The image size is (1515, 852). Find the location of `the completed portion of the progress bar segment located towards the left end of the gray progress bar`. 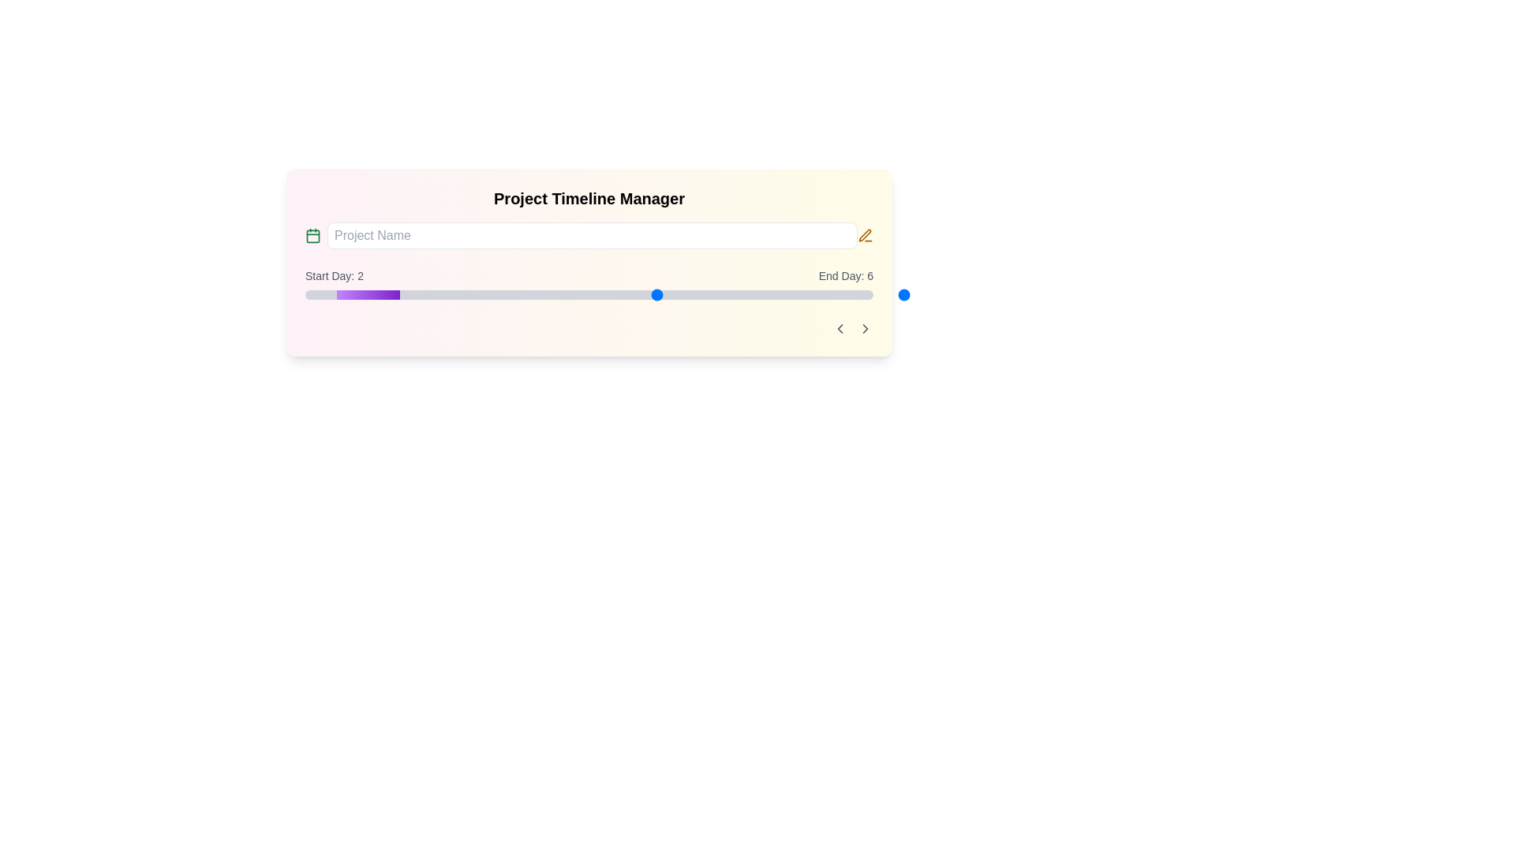

the completed portion of the progress bar segment located towards the left end of the gray progress bar is located at coordinates (367, 295).